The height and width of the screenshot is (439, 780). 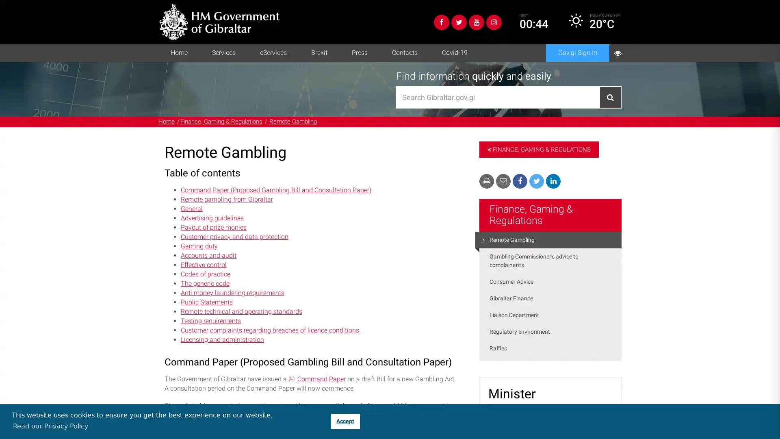 What do you see at coordinates (50, 426) in the screenshot?
I see `learn more about cookies` at bounding box center [50, 426].